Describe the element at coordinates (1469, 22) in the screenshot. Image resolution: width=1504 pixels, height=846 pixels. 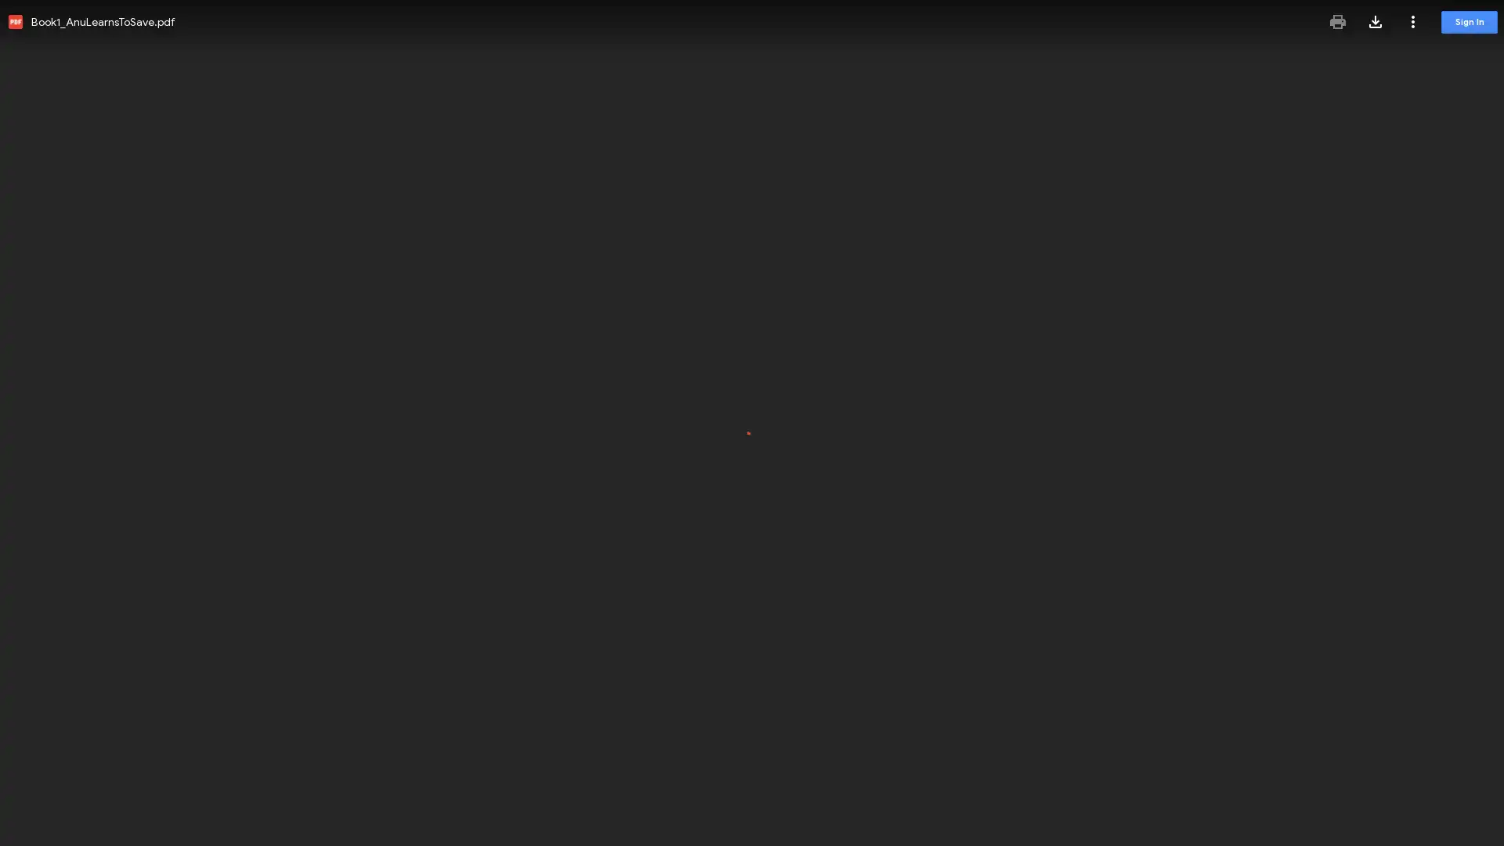
I see `Sign In` at that location.